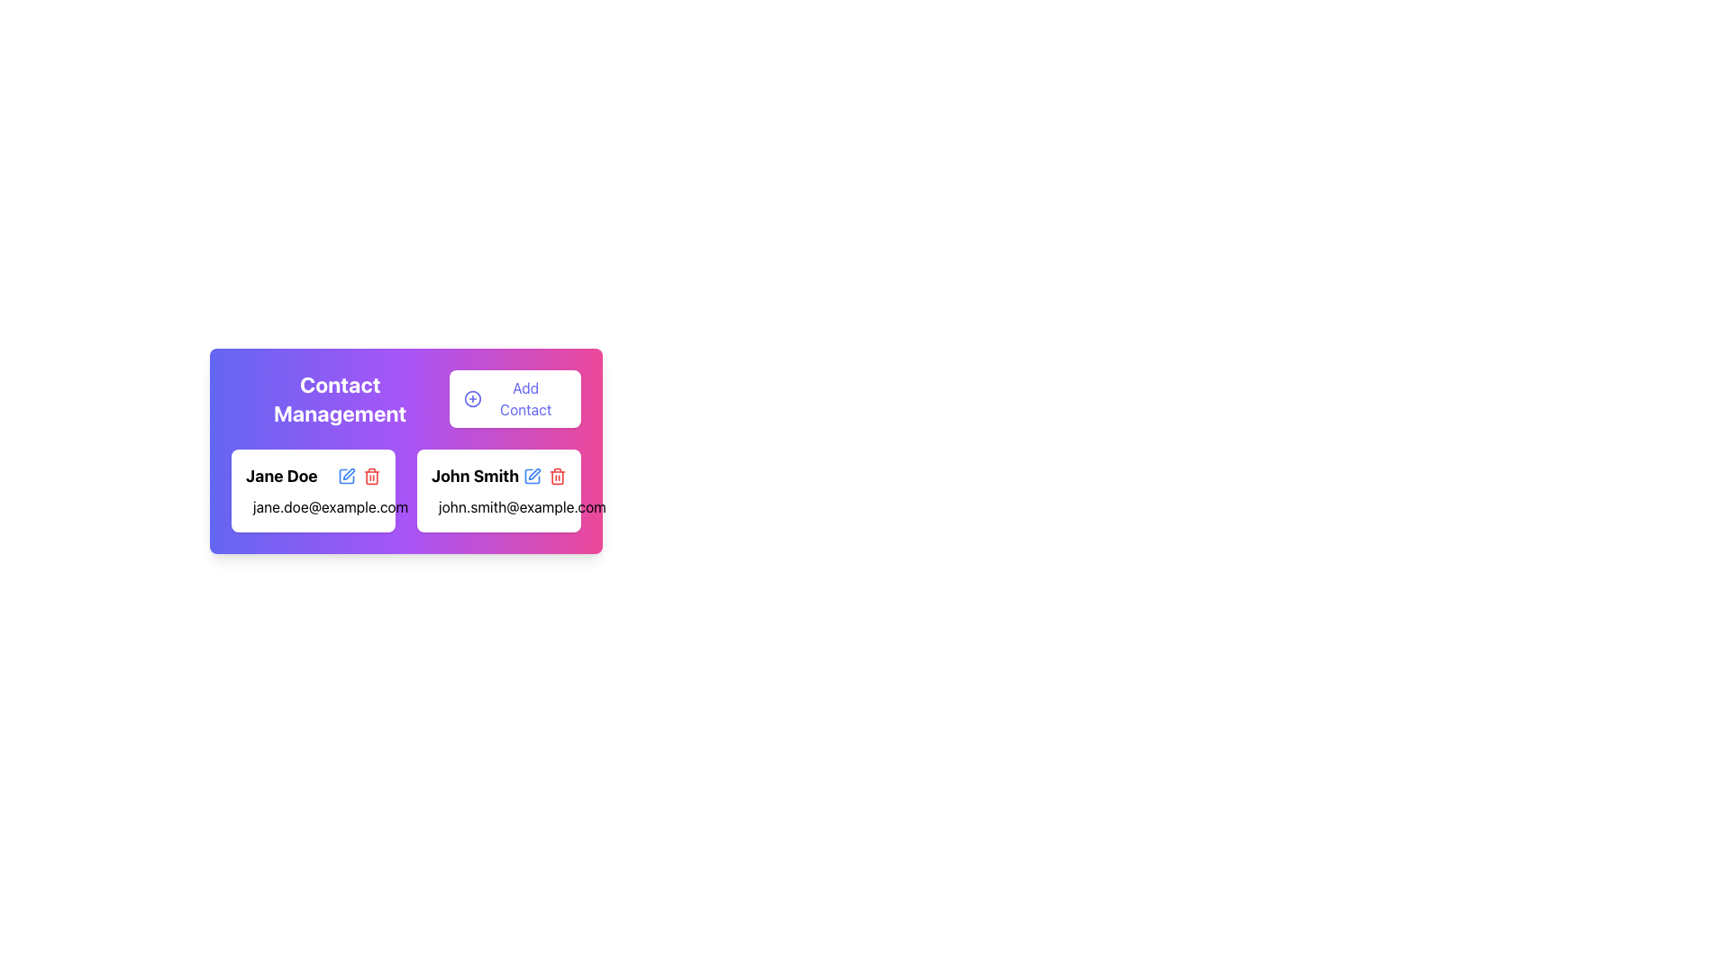 The image size is (1730, 973). I want to click on the edit icon button for 'John Smith', so click(531, 475).